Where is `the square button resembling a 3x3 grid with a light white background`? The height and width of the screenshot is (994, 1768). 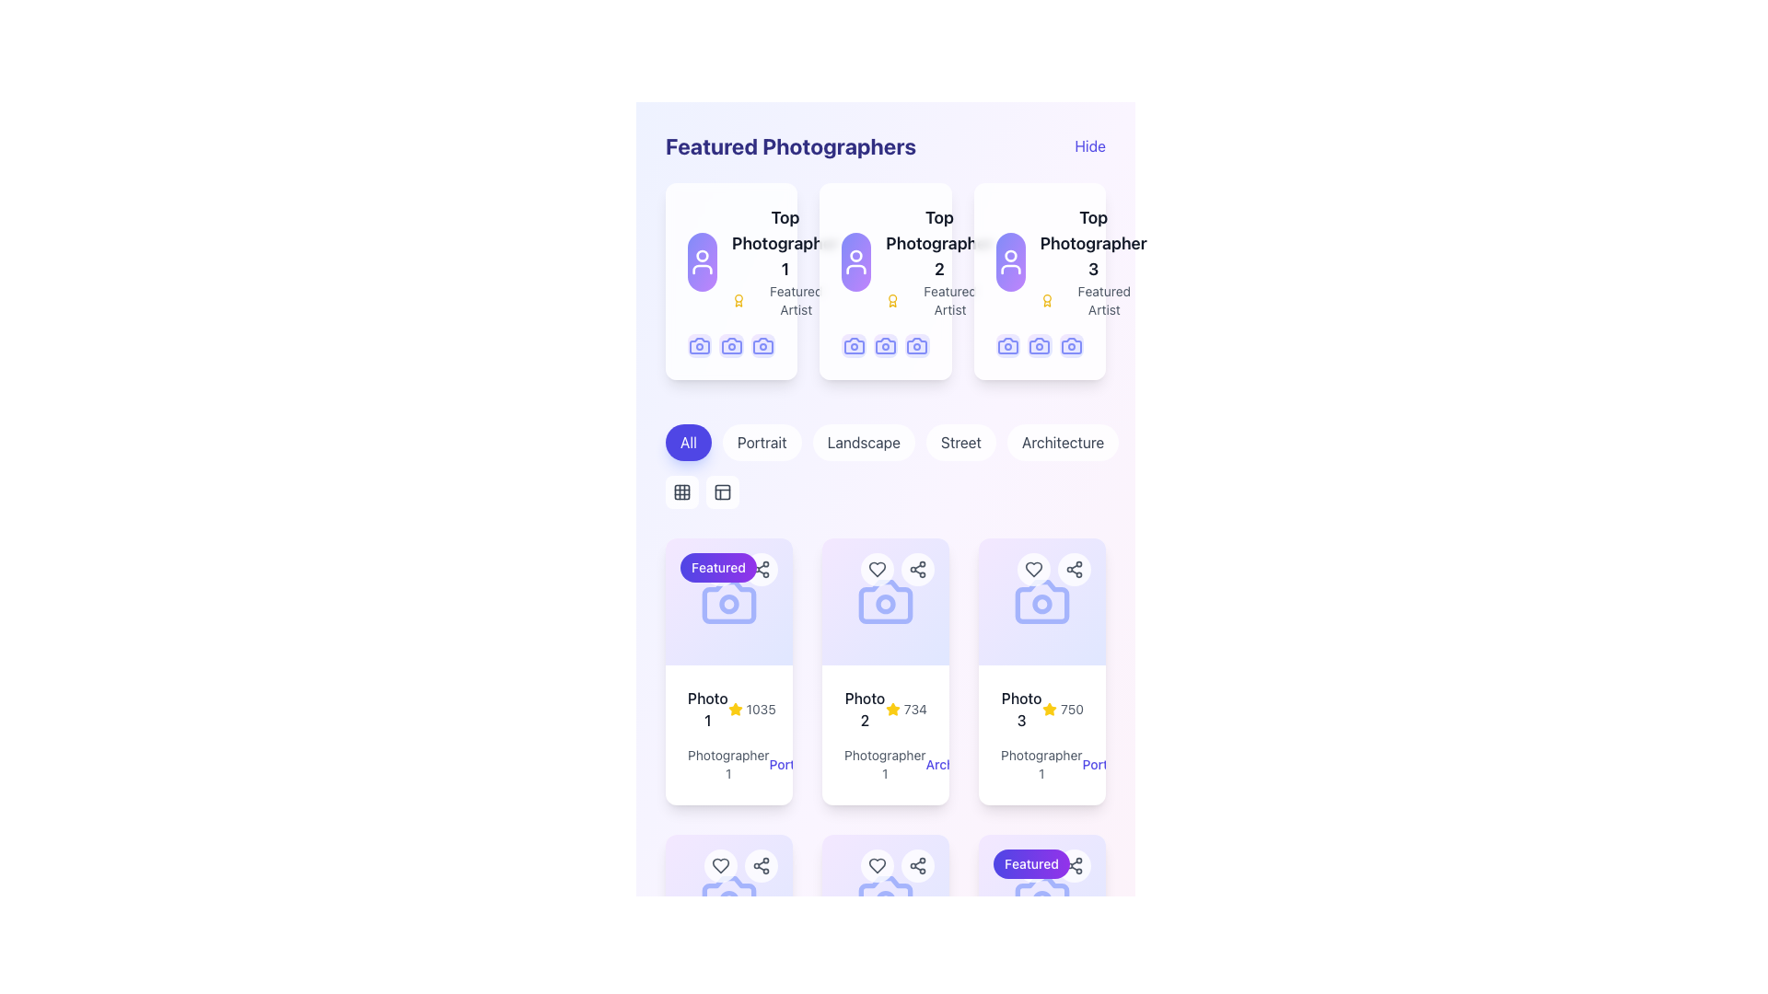
the square button resembling a 3x3 grid with a light white background is located at coordinates (680, 491).